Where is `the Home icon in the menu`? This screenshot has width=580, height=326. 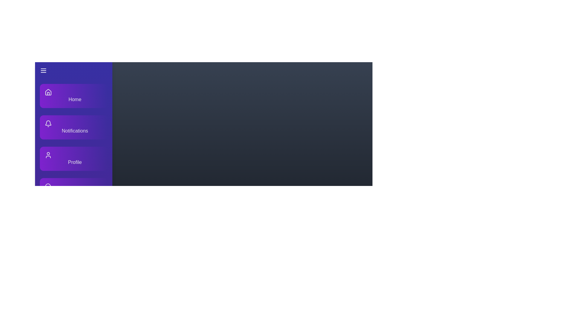
the Home icon in the menu is located at coordinates (48, 92).